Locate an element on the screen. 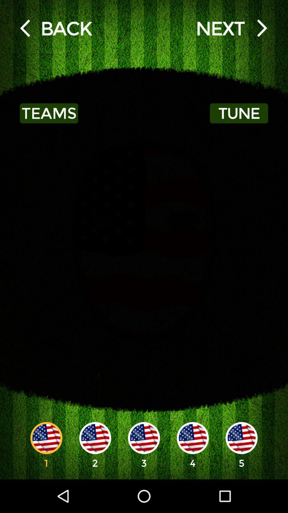 The width and height of the screenshot is (288, 513). the delete icon is located at coordinates (232, 28).